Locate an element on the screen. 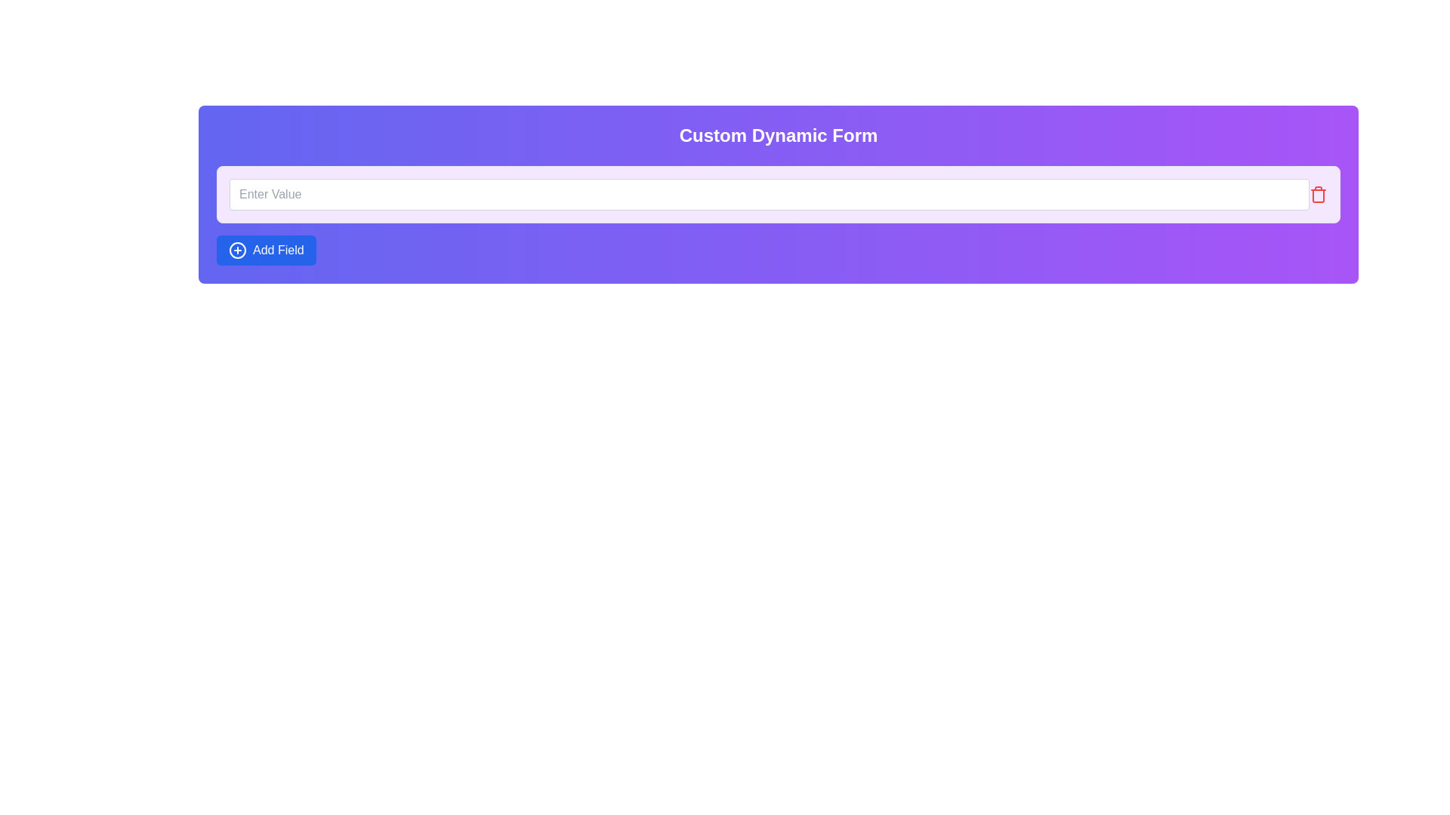  the 'Add Field' text label located within the button at the bottom-left area of the form module, which indicates the functionality of adding a new field to the form is located at coordinates (278, 249).